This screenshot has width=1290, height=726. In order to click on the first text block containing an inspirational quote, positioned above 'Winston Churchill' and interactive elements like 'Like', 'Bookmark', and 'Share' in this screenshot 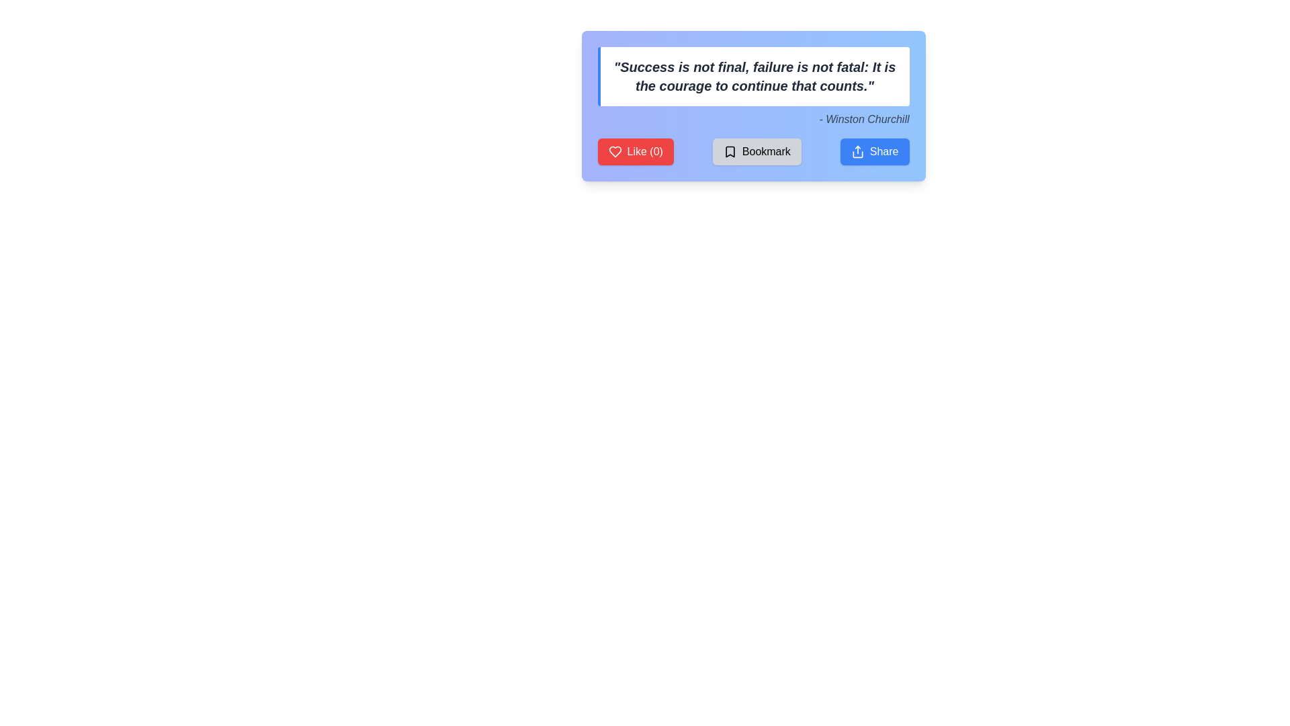, I will do `click(753, 77)`.